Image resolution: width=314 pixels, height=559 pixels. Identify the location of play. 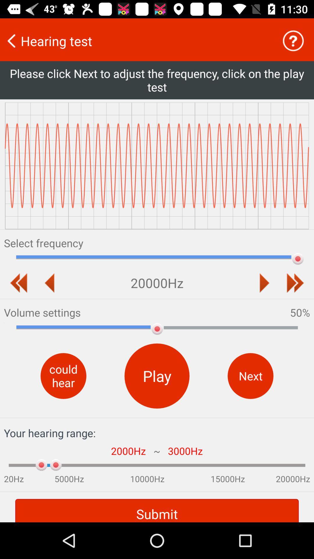
(264, 283).